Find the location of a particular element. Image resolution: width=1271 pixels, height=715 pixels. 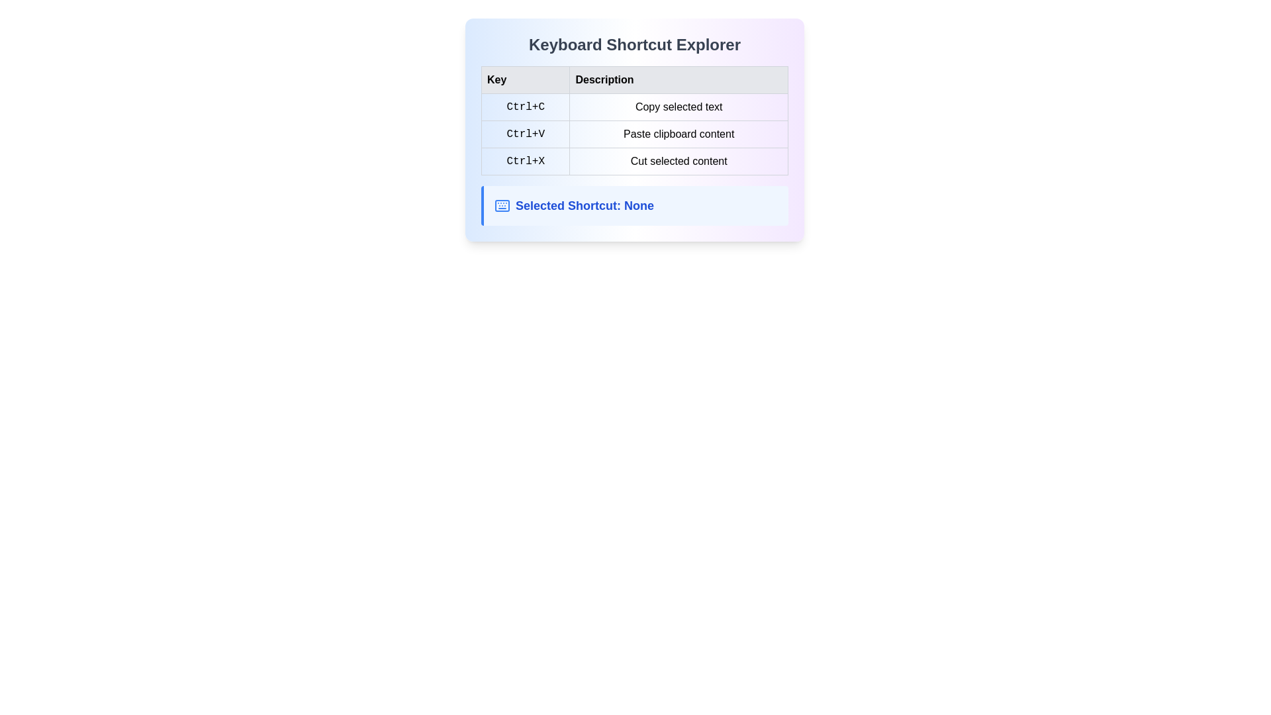

the keyboard key representation for the 'Ctrl+C' shortcut, which is styled as a static label in the 'Keyboard Shortcut Explorer' table is located at coordinates (525, 107).